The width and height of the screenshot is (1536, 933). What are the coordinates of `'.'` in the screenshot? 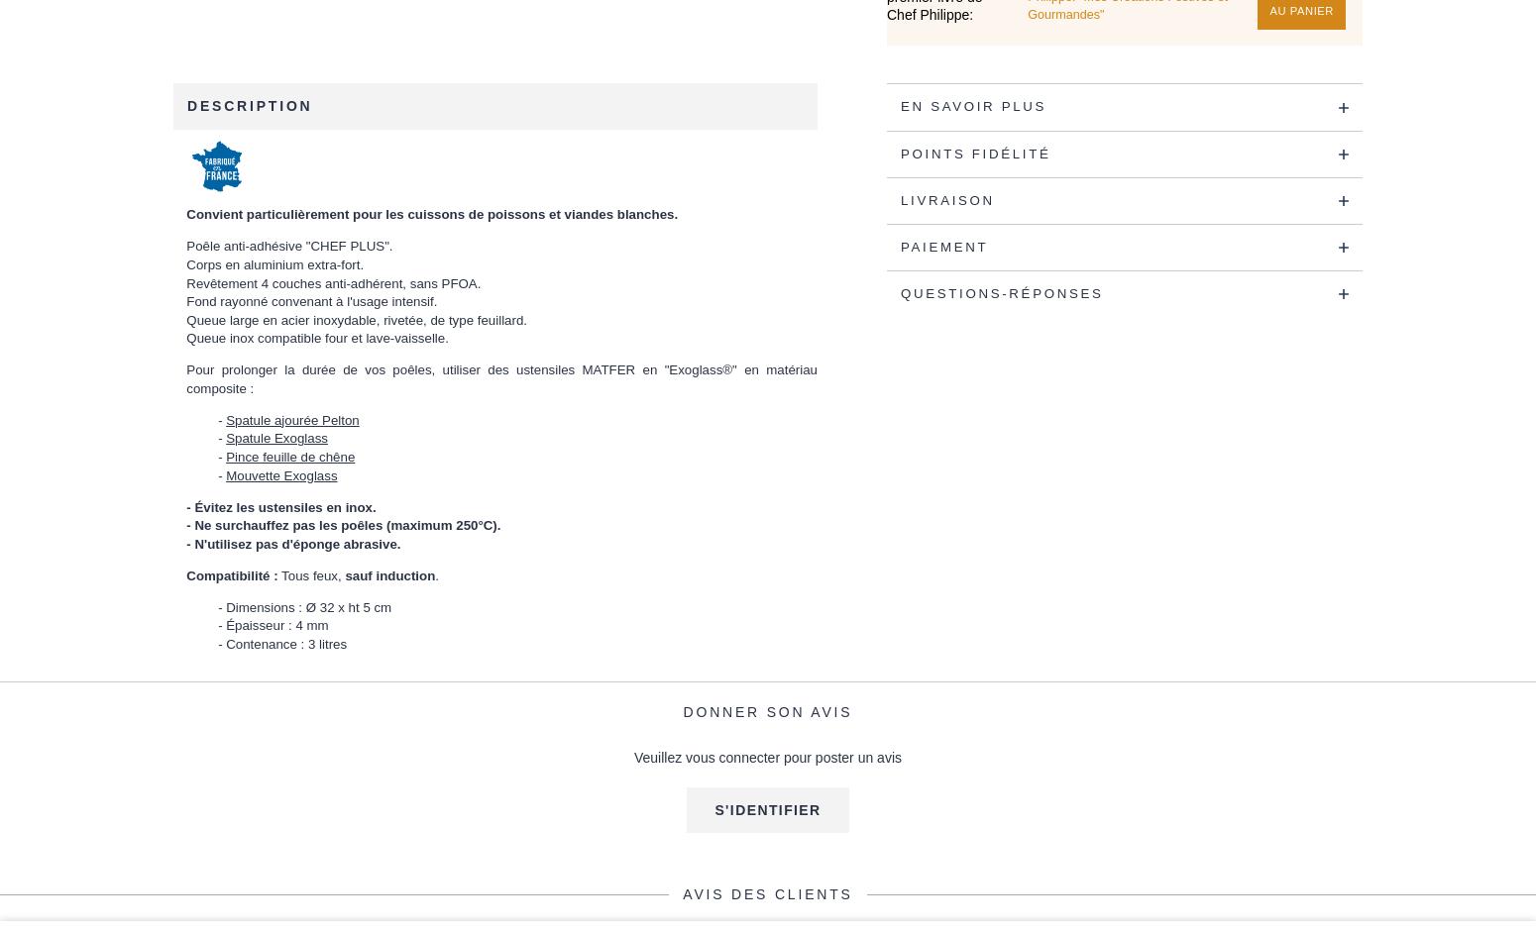 It's located at (436, 574).